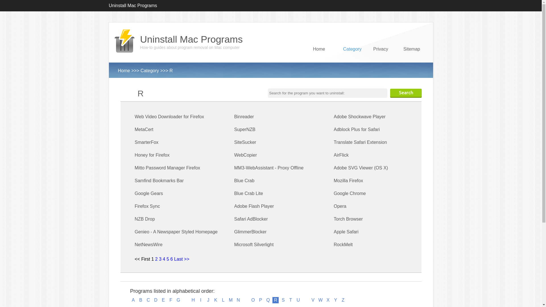 This screenshot has height=307, width=546. Describe the element at coordinates (149, 244) in the screenshot. I see `'NetNewsWire'` at that location.